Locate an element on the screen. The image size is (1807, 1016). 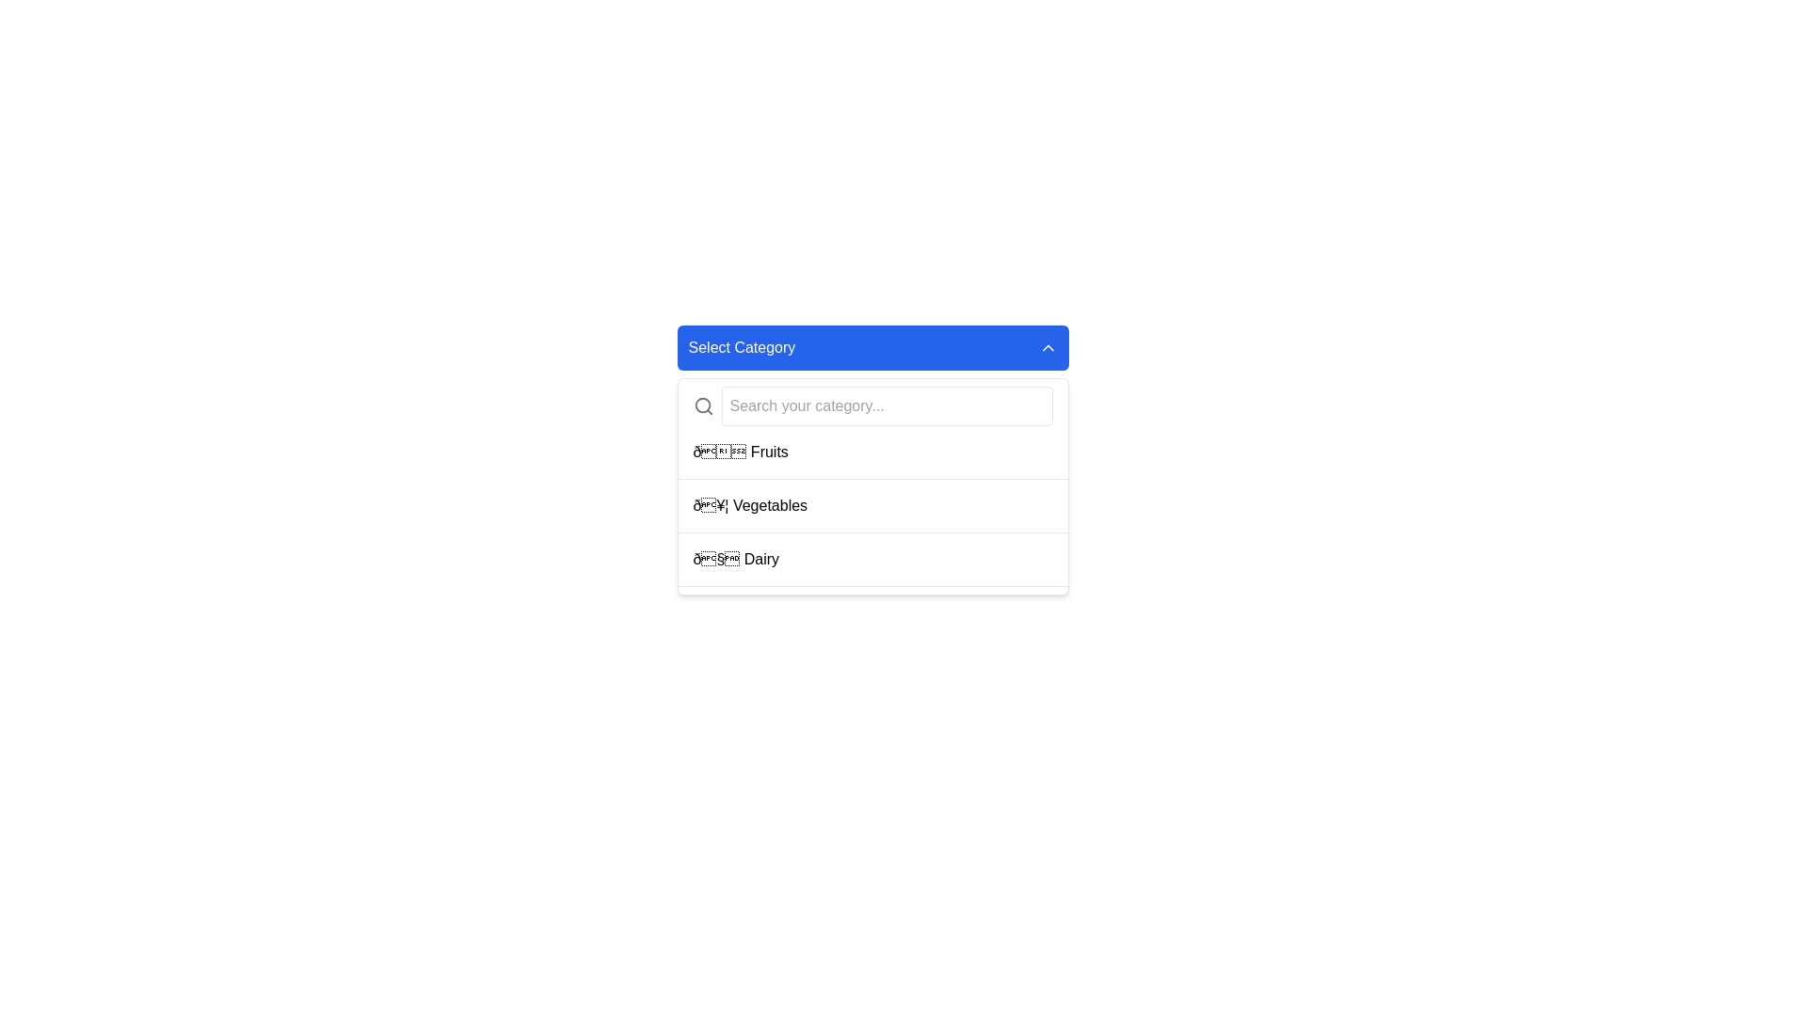
the 'Vegetables' list option in the dropdown menu beneath the title 'Select Category' is located at coordinates (749, 504).